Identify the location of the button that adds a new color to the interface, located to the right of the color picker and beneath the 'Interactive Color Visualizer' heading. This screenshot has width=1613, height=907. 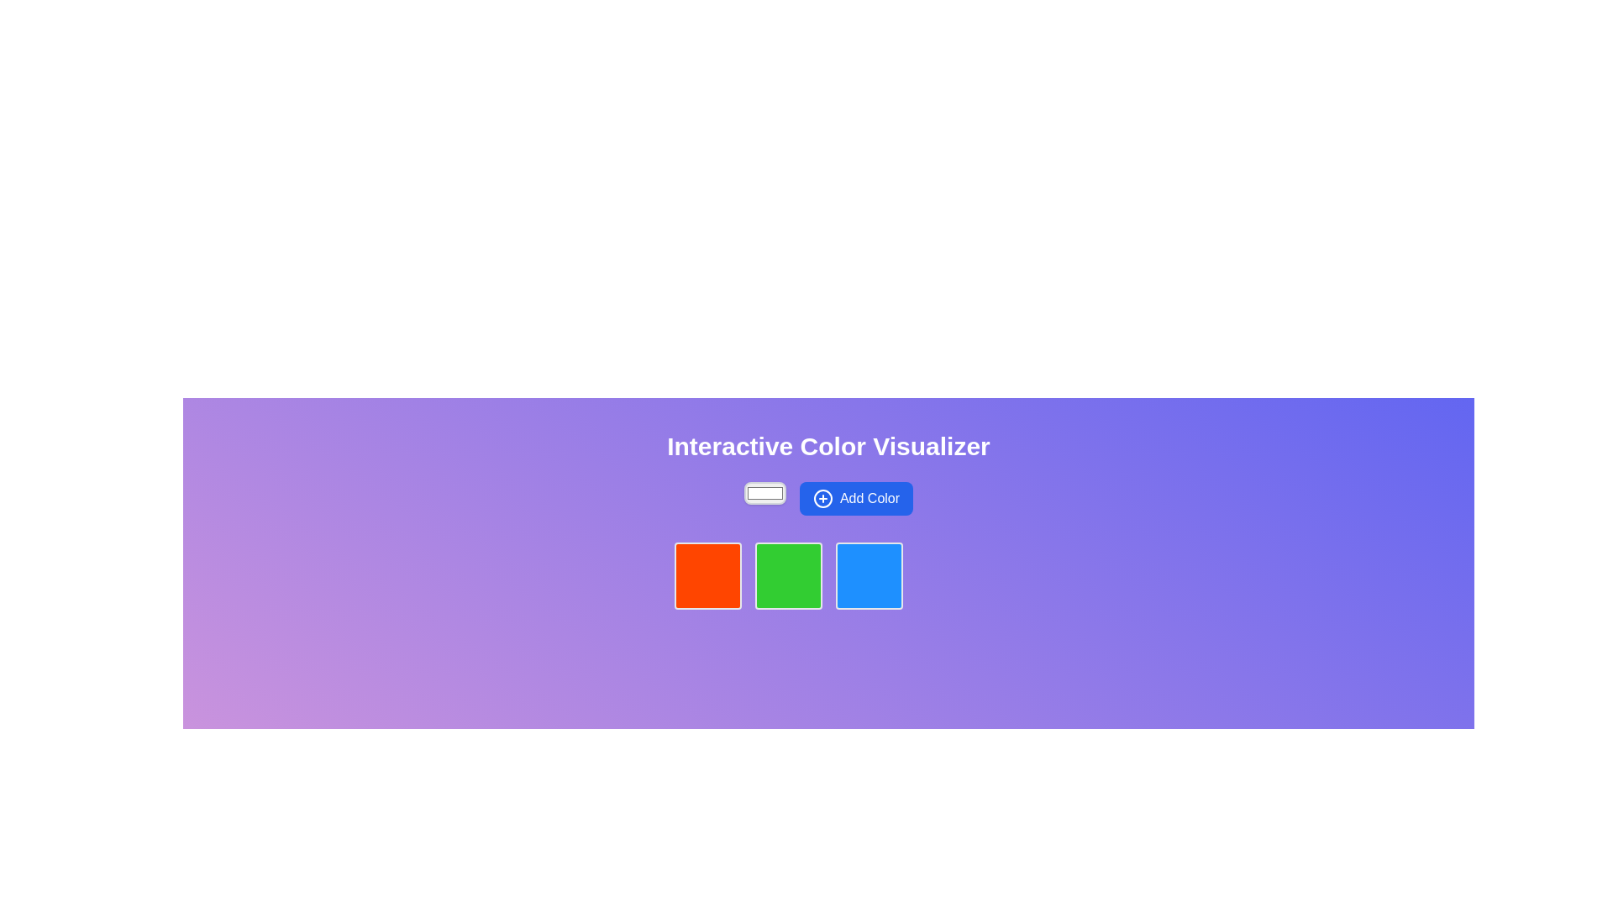
(856, 498).